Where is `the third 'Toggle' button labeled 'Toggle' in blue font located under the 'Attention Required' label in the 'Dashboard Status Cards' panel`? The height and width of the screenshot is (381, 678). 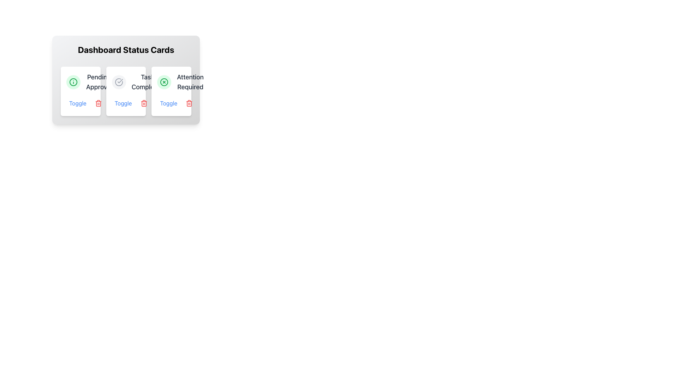 the third 'Toggle' button labeled 'Toggle' in blue font located under the 'Attention Required' label in the 'Dashboard Status Cards' panel is located at coordinates (171, 103).